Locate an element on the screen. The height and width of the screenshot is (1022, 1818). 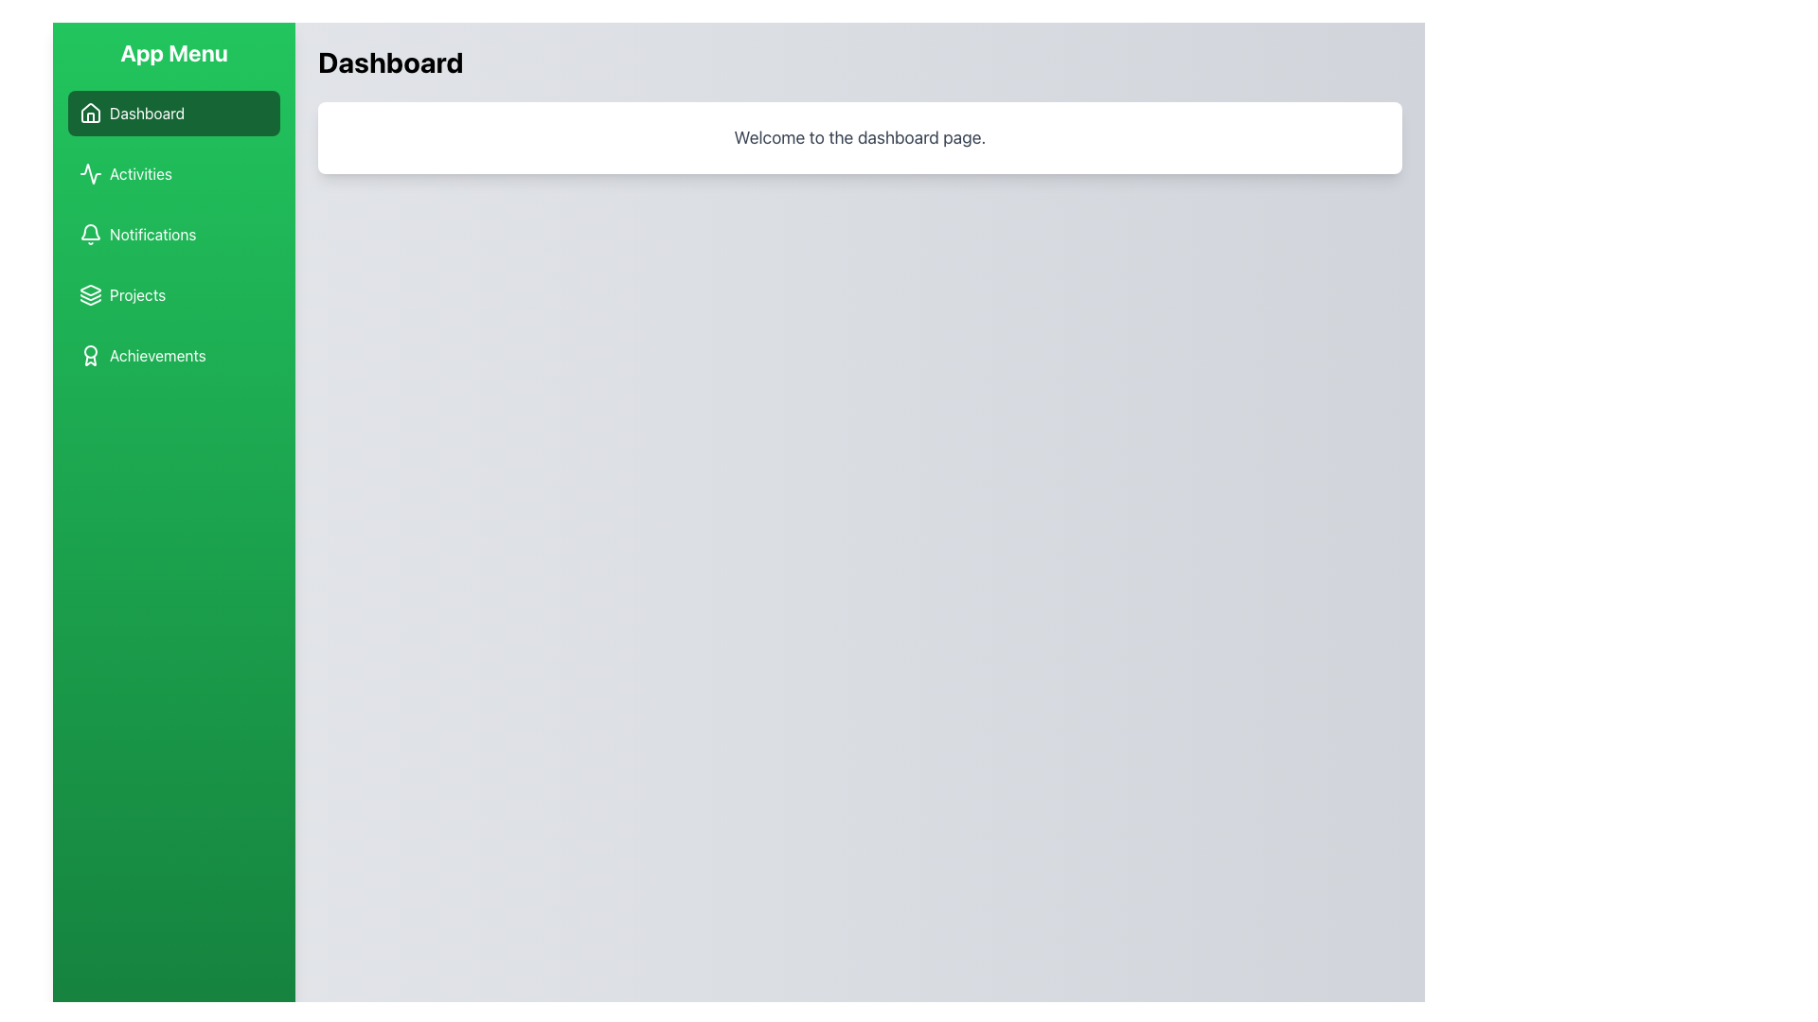
the SVG Circle element located to the left of the 'Achievements' menu label in the sidebar menu is located at coordinates (90, 351).